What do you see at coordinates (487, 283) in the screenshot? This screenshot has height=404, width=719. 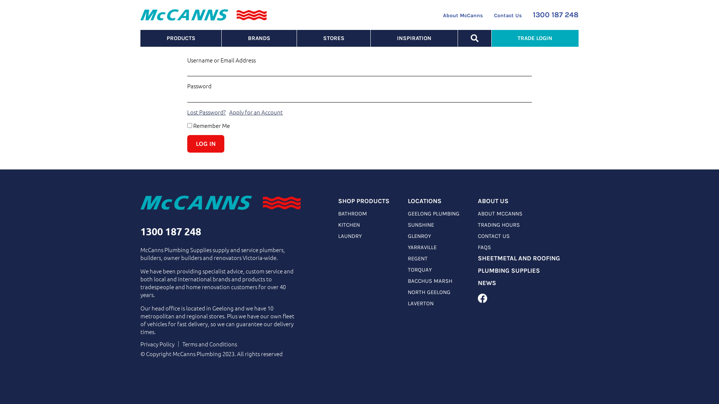 I see `'NEWS'` at bounding box center [487, 283].